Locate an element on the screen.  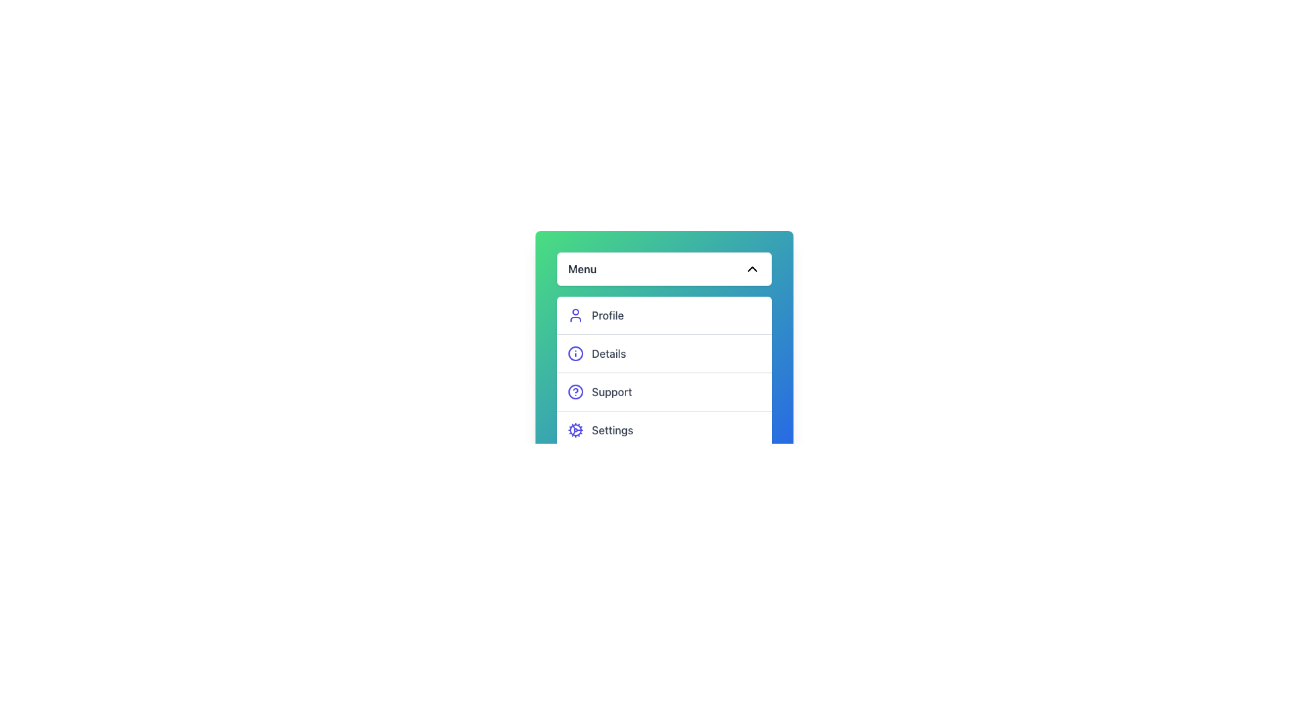
the icon located to the left of the 'Details' menu item in the dropdown is located at coordinates (576, 353).